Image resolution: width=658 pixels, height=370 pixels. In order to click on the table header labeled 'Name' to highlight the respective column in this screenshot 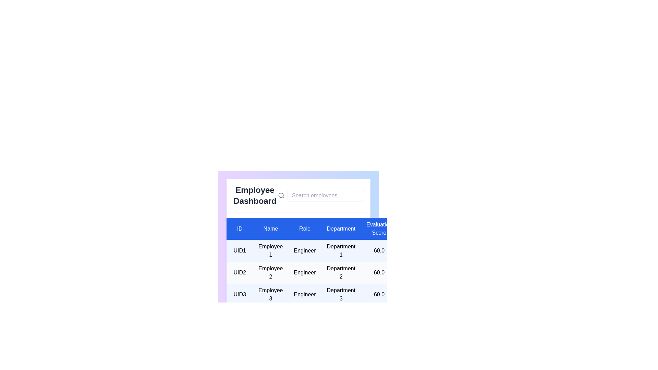, I will do `click(270, 229)`.